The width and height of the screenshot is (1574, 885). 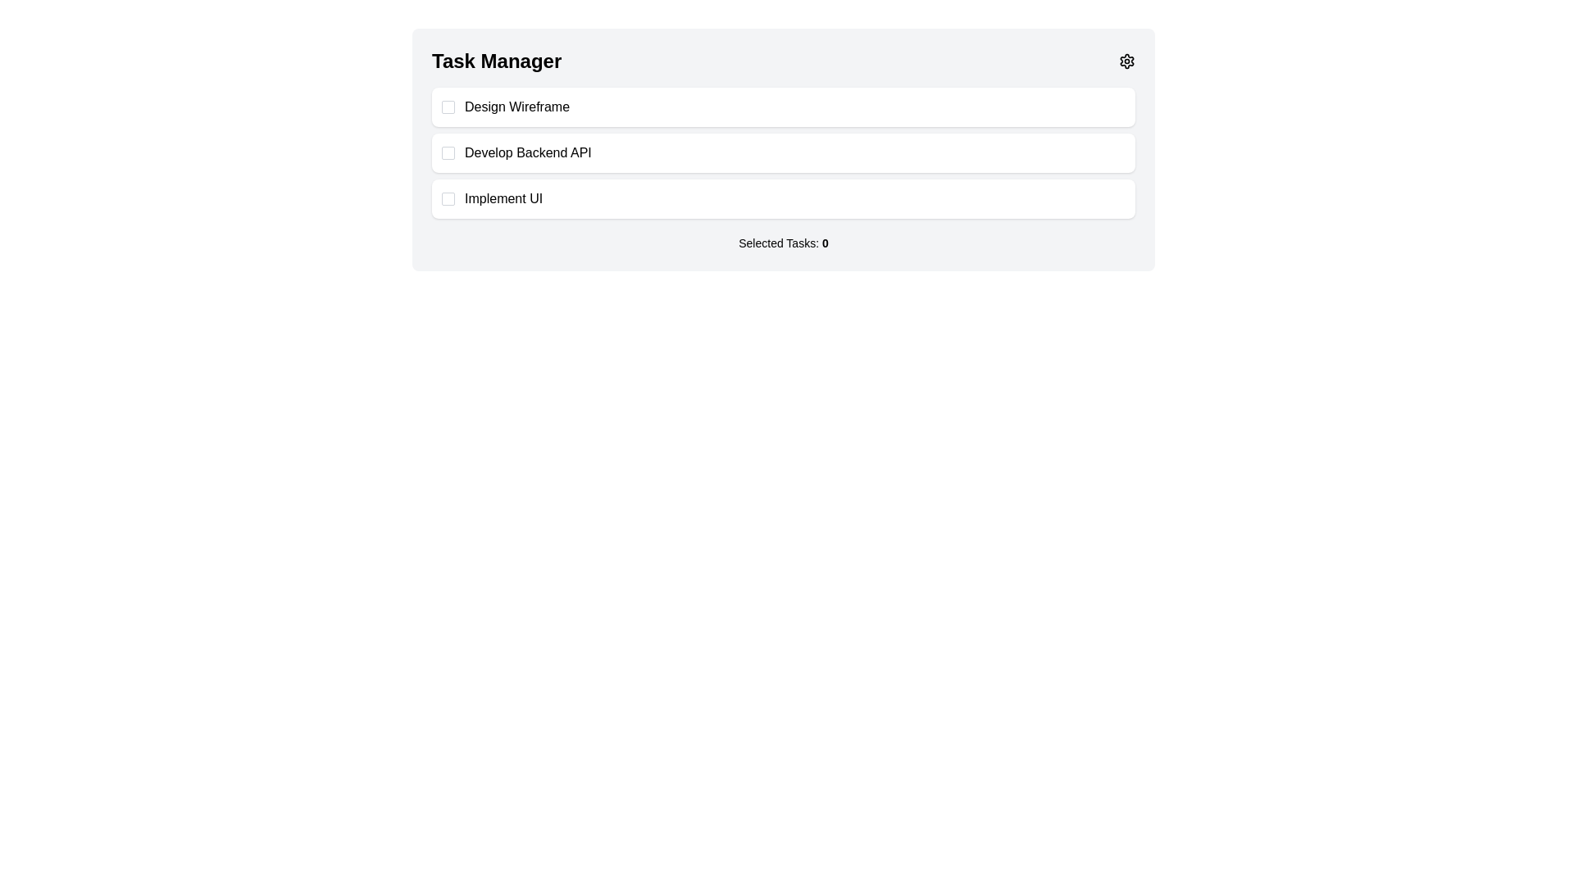 What do you see at coordinates (782, 243) in the screenshot?
I see `the Text Label that indicates the number of tasks selected by the user in the Task Manager box` at bounding box center [782, 243].